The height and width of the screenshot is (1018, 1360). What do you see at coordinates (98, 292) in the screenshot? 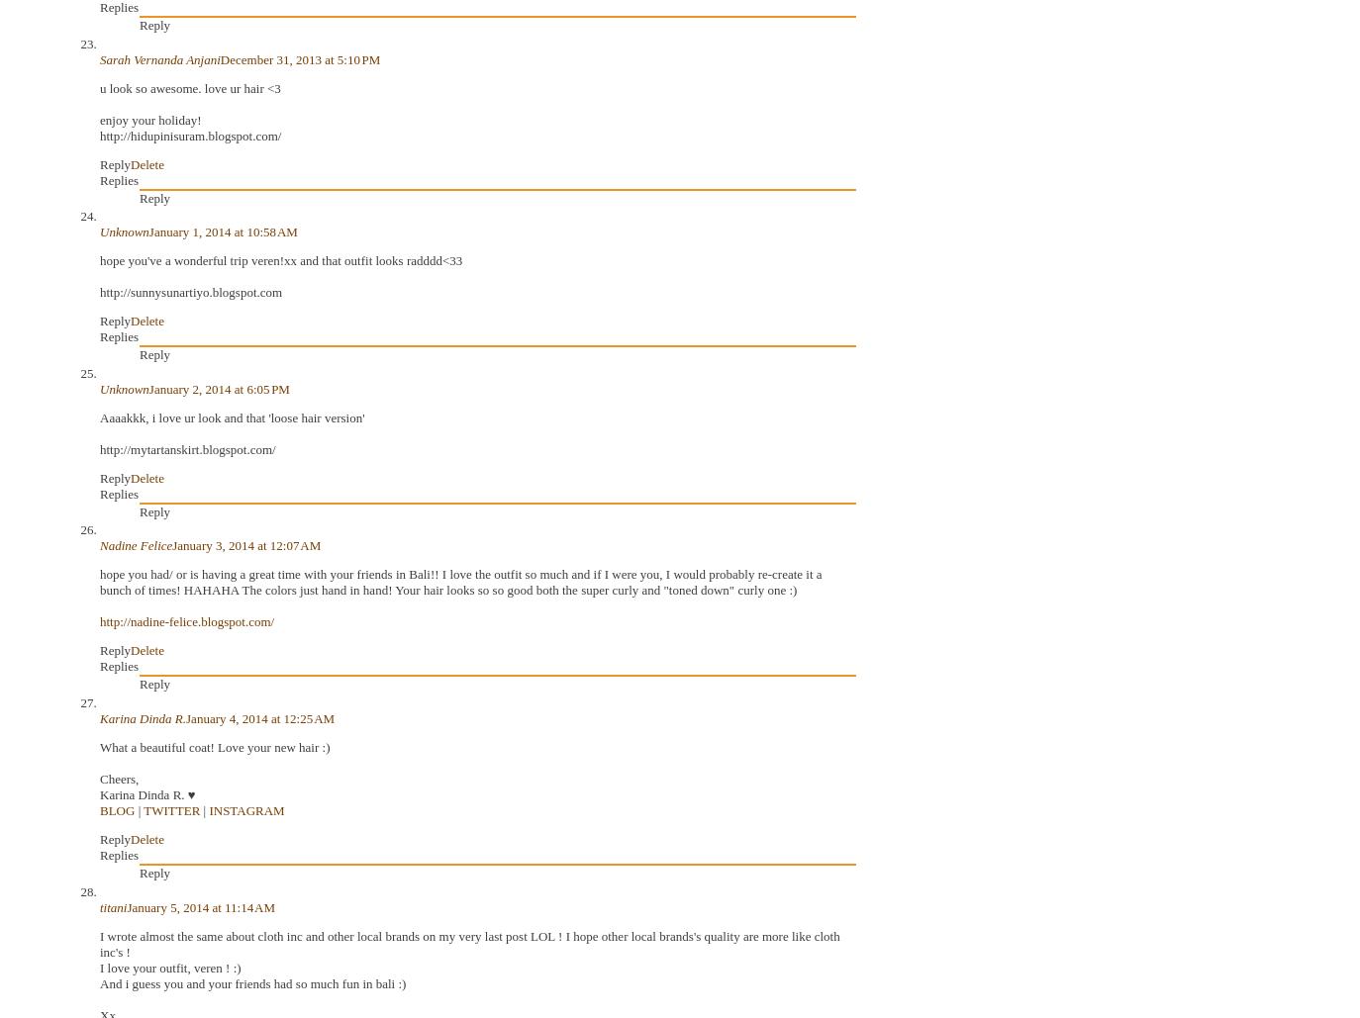
I see `'http://sunnysunartiyo.blogspot.com'` at bounding box center [98, 292].